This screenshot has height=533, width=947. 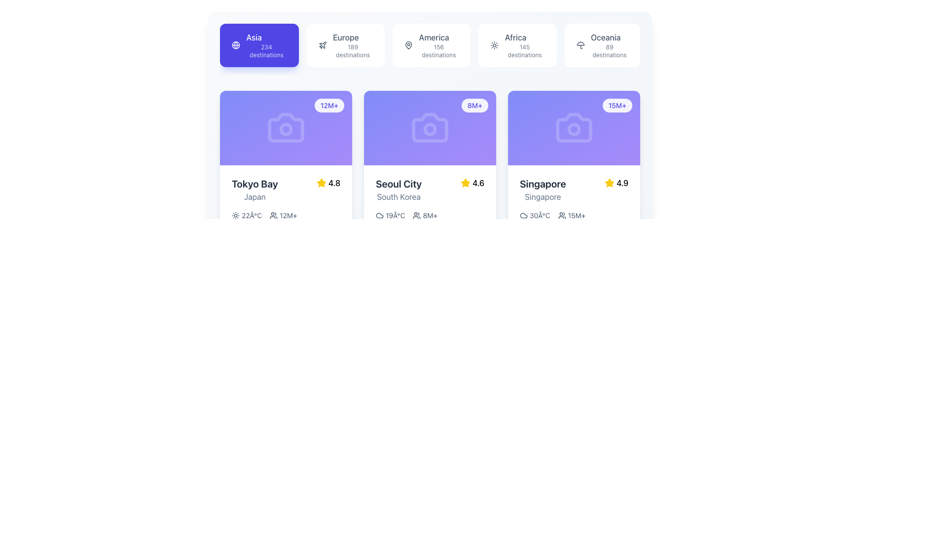 What do you see at coordinates (254, 37) in the screenshot?
I see `the 'Asia' text label, which is styled with medium font weight on a purple rectangular background` at bounding box center [254, 37].